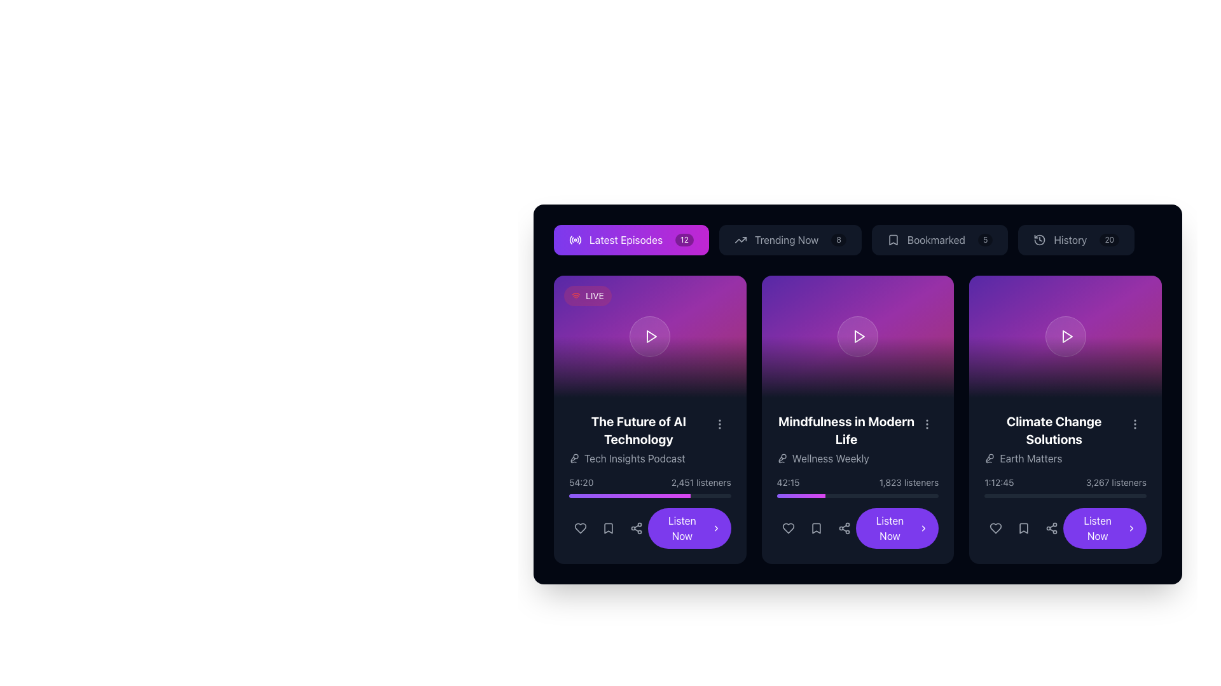 The image size is (1221, 686). I want to click on the podcast episode icon located in the upper left corner of the card for 'The Future of AI Technology', which is positioned to the left of the text 'Tech Insights Podcast', so click(573, 458).